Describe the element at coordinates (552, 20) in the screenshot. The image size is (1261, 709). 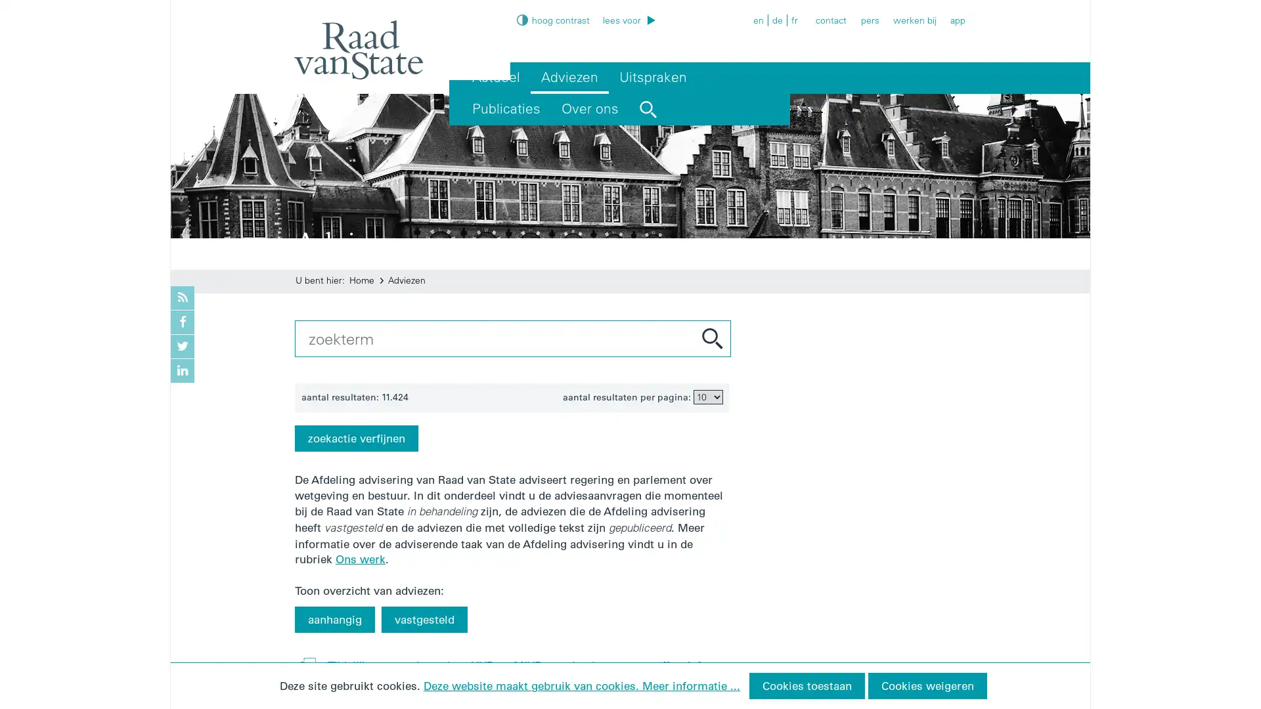
I see `hoog contrast` at that location.